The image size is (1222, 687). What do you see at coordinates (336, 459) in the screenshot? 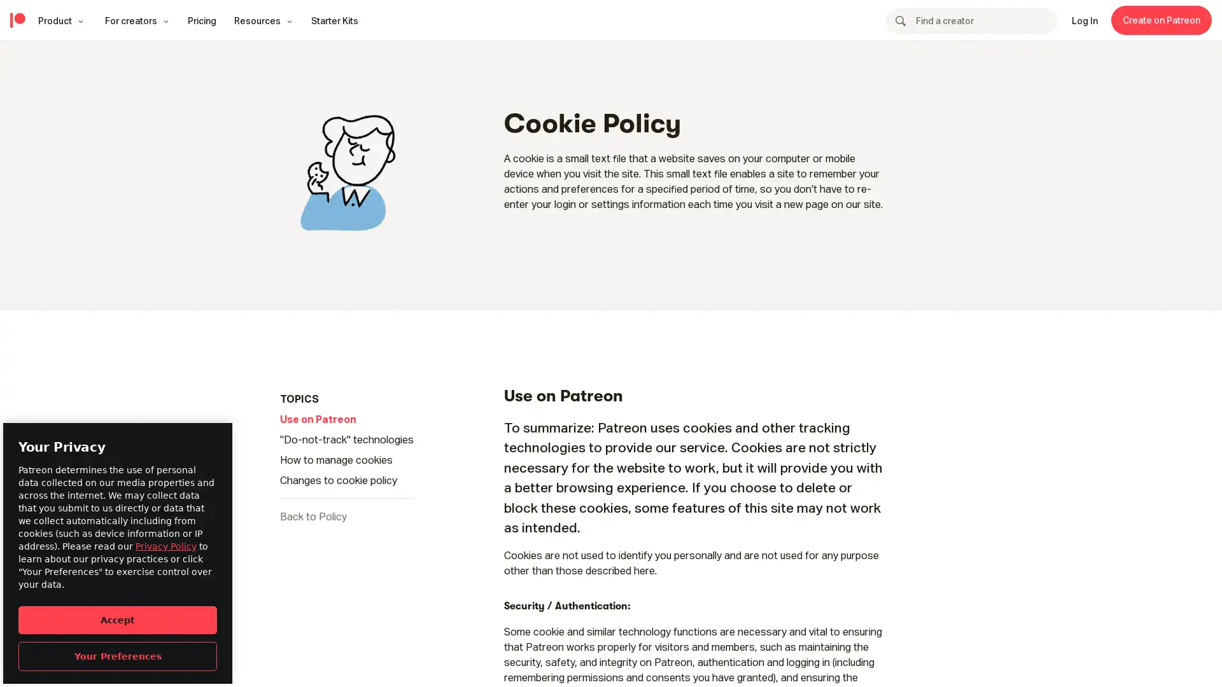
I see `How to manage cookies` at bounding box center [336, 459].